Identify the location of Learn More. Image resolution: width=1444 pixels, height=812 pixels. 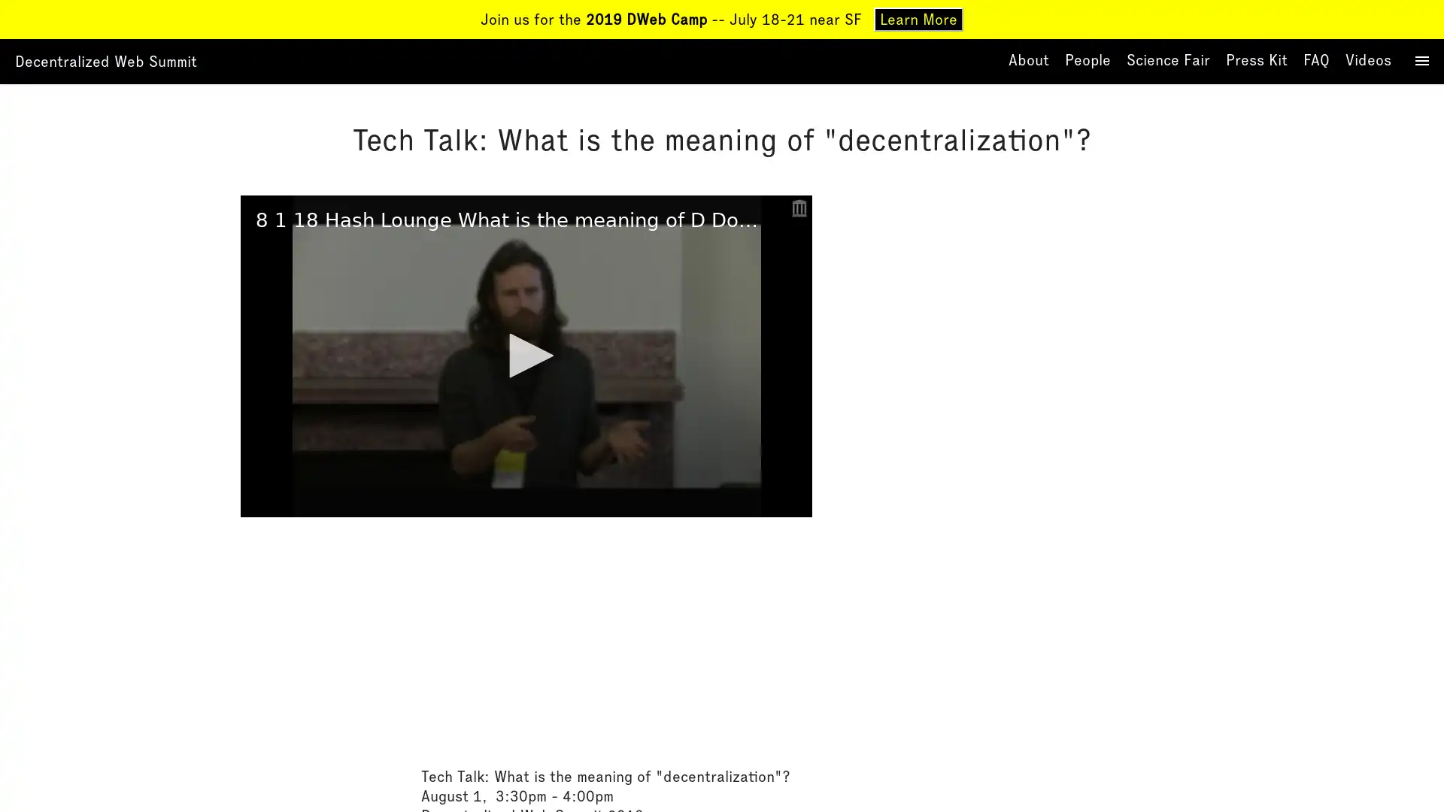
(918, 20).